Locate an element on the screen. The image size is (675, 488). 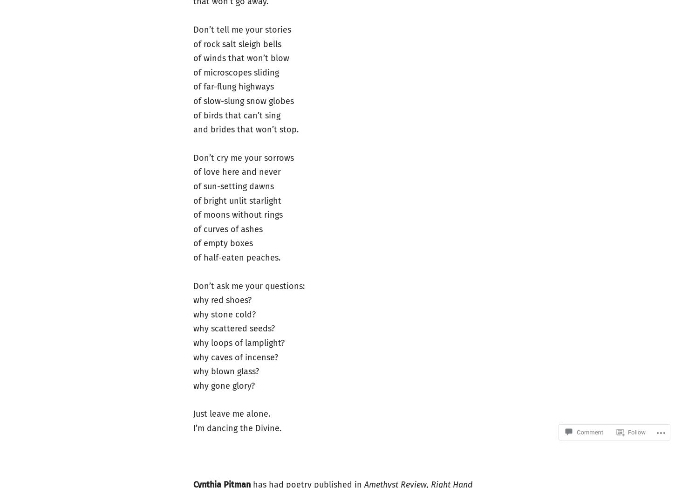
'why loops of lamplight?' is located at coordinates (192, 342).